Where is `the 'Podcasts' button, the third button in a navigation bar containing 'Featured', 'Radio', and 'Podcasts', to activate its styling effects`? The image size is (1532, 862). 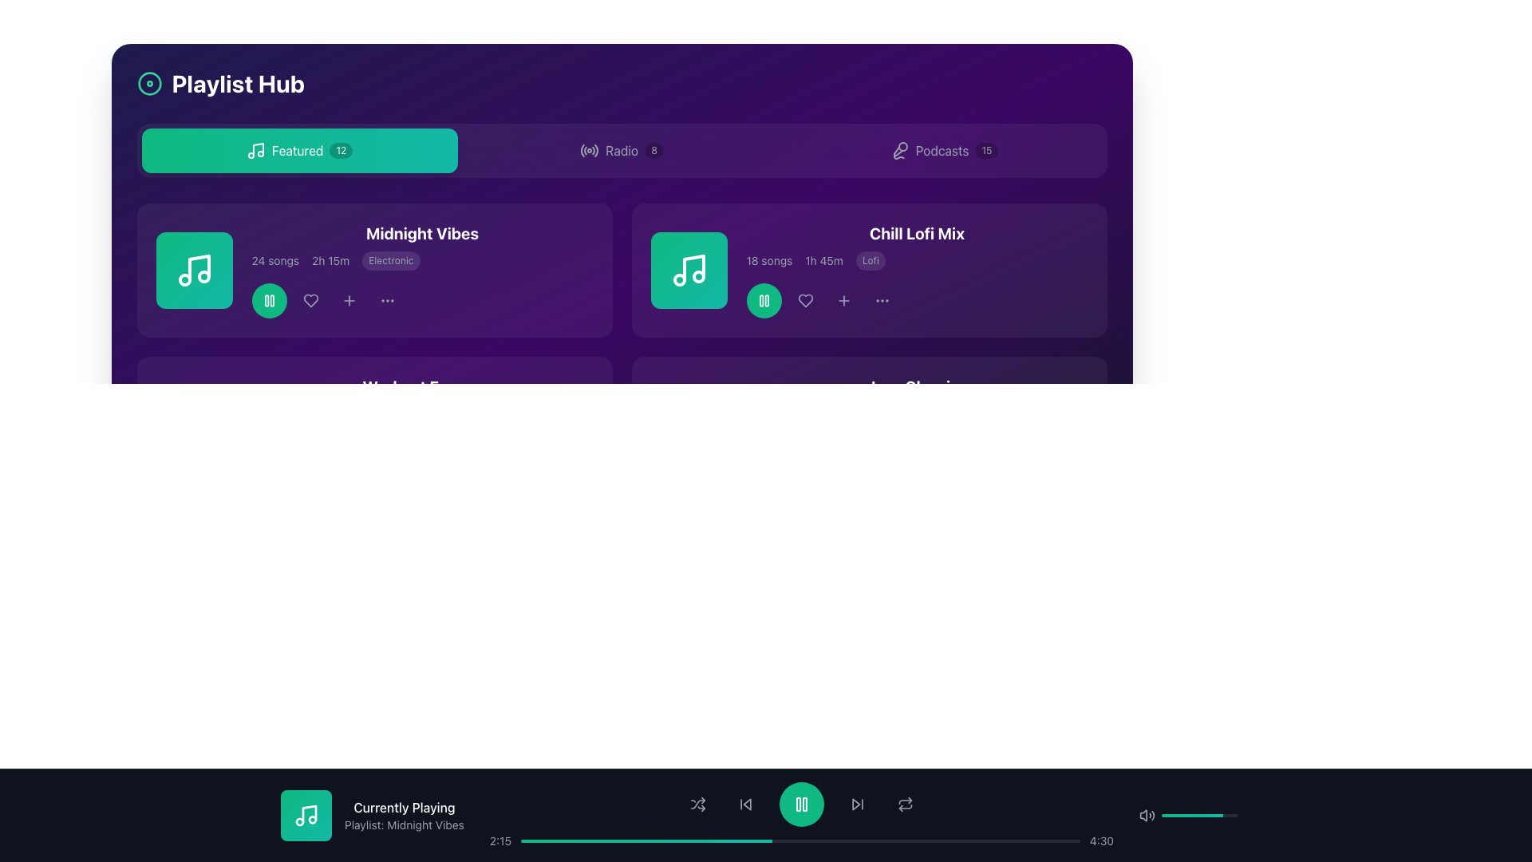 the 'Podcasts' button, the third button in a navigation bar containing 'Featured', 'Radio', and 'Podcasts', to activate its styling effects is located at coordinates (944, 151).